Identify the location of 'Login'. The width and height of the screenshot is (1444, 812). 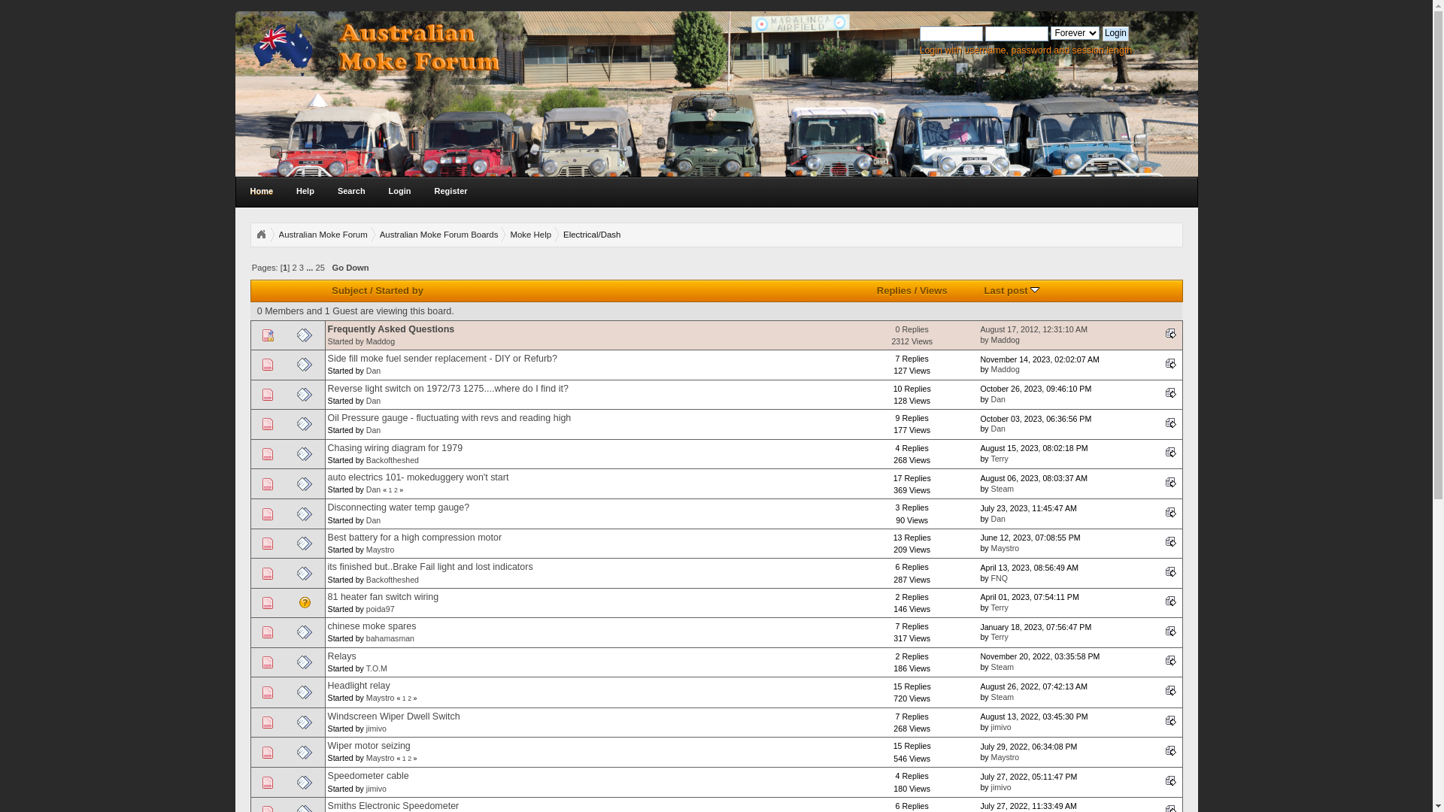
(1115, 34).